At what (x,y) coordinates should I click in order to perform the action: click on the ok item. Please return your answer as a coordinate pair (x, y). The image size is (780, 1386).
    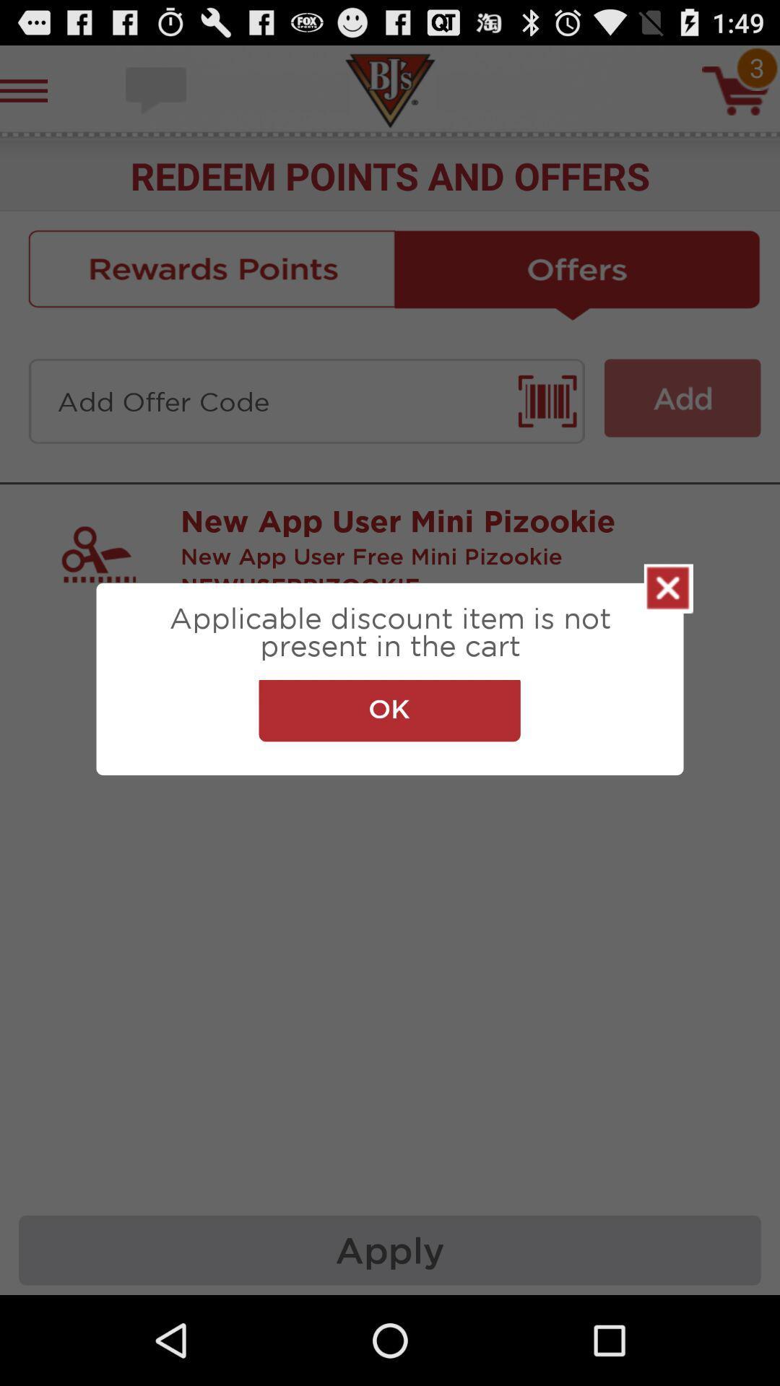
    Looking at the image, I should click on (389, 710).